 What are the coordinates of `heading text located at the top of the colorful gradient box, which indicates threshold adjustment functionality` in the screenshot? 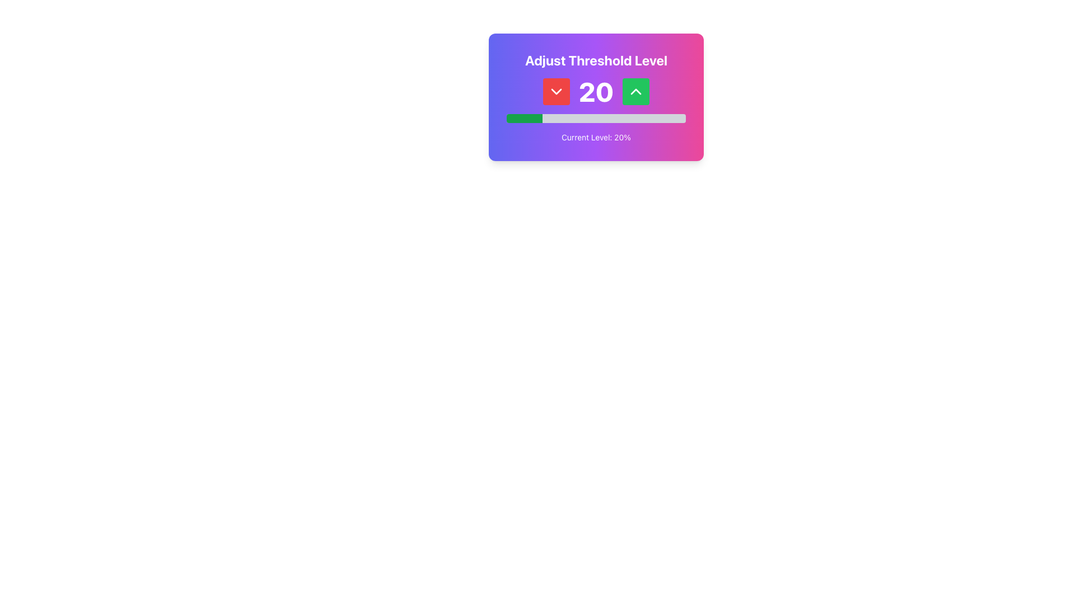 It's located at (596, 60).